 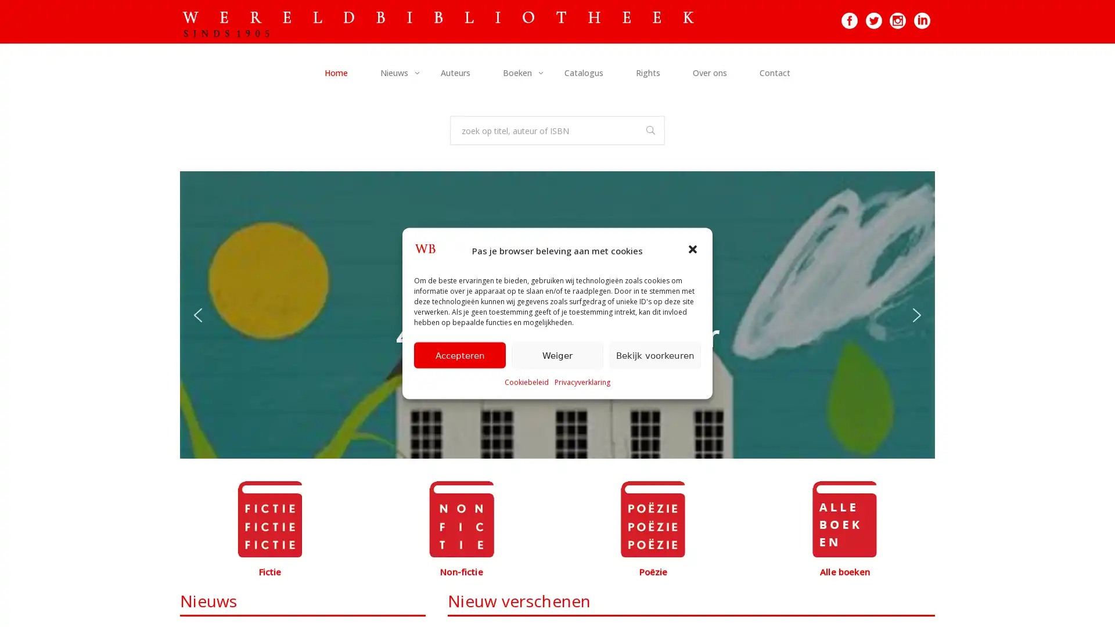 I want to click on next arrow, so click(x=916, y=315).